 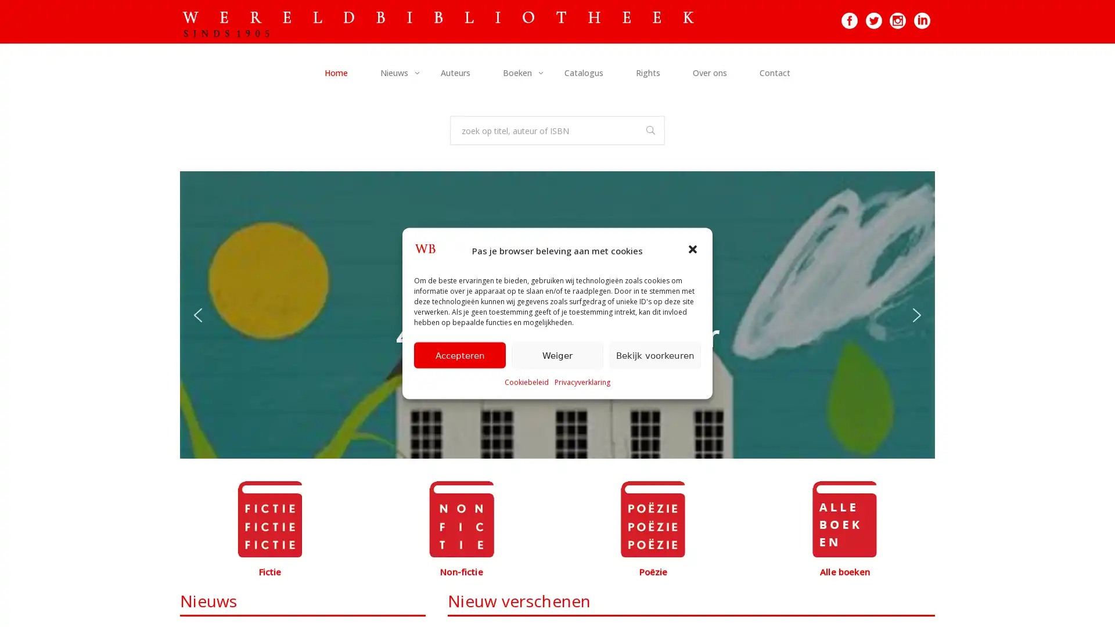 I want to click on next arrow, so click(x=916, y=315).